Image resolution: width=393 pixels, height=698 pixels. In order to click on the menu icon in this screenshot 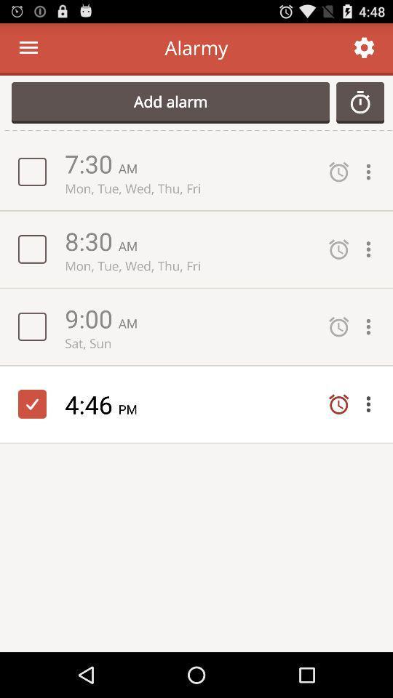, I will do `click(28, 51)`.